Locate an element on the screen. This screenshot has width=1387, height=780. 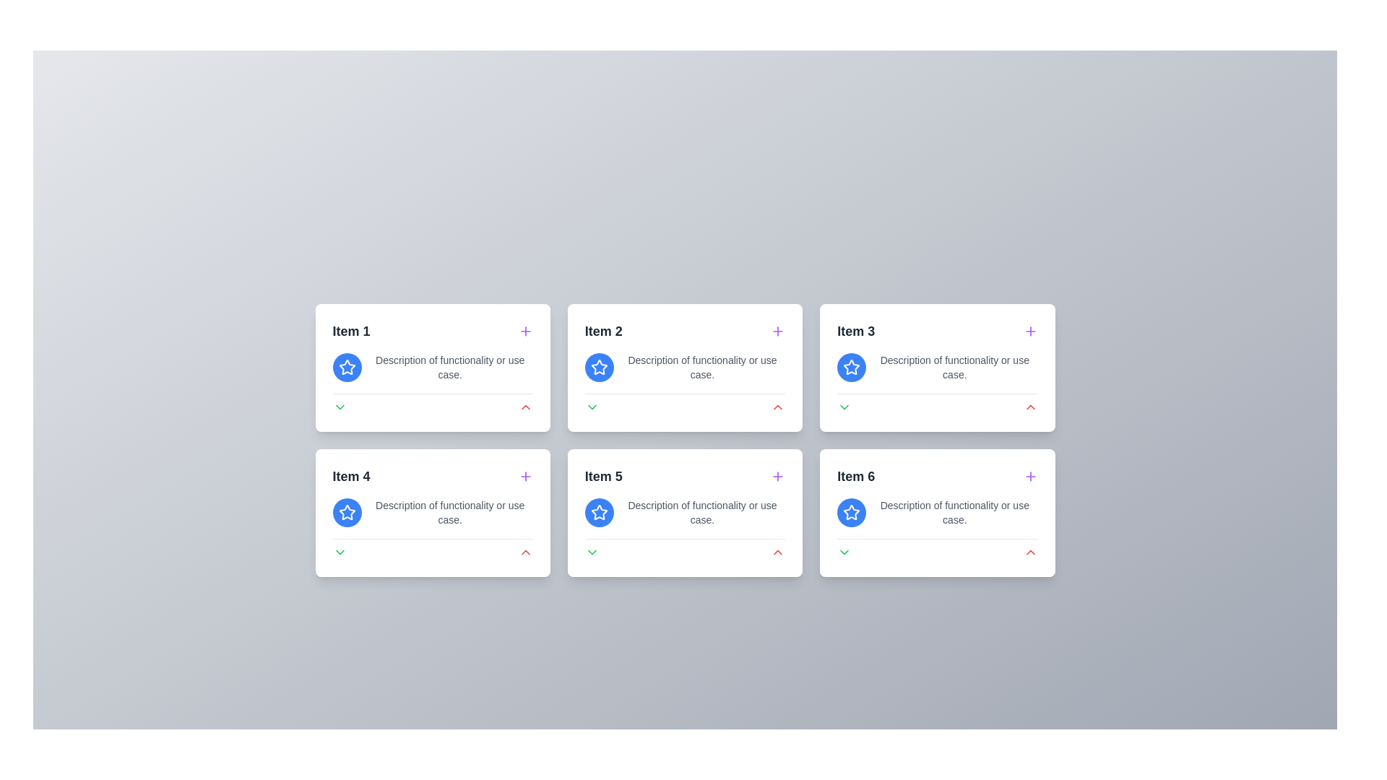
the white rounded rectangular card labeled 'Item 6' located in the bottom-right corner of the grid is located at coordinates (937, 512).